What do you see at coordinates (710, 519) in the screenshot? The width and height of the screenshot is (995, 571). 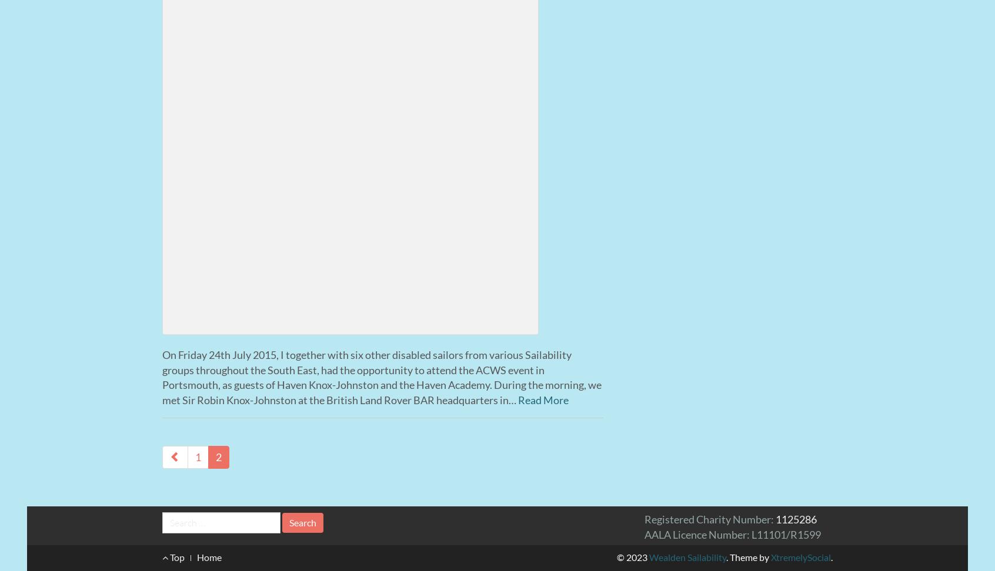 I see `'Registered Charity Number:'` at bounding box center [710, 519].